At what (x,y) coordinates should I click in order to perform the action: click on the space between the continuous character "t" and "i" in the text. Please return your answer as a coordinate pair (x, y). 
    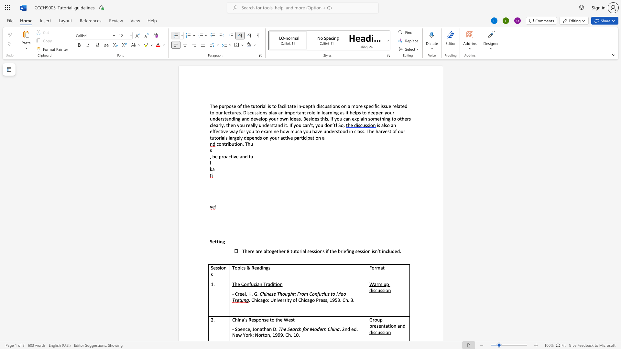
    Looking at the image, I should click on (276, 284).